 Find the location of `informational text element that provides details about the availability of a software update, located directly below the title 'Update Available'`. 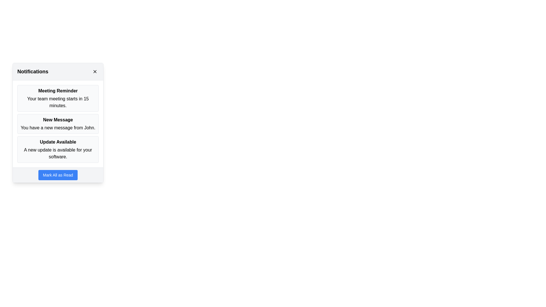

informational text element that provides details about the availability of a software update, located directly below the title 'Update Available' is located at coordinates (58, 153).